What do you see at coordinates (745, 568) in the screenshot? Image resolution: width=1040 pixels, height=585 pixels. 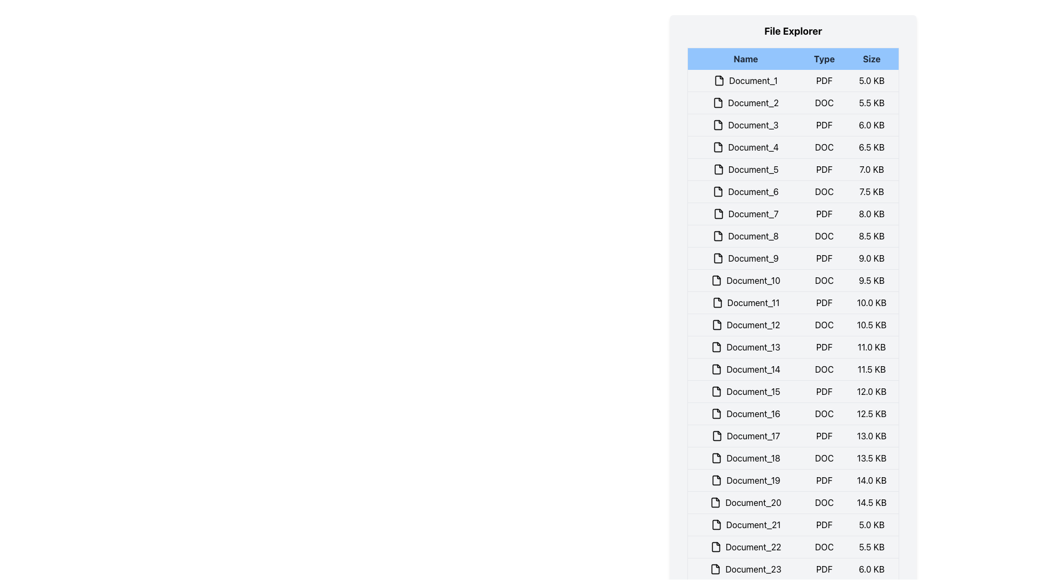 I see `the Text Label with Icon displaying 'Document_23', which is aligned to the right of a document icon within the 'File Explorer' interface` at bounding box center [745, 568].